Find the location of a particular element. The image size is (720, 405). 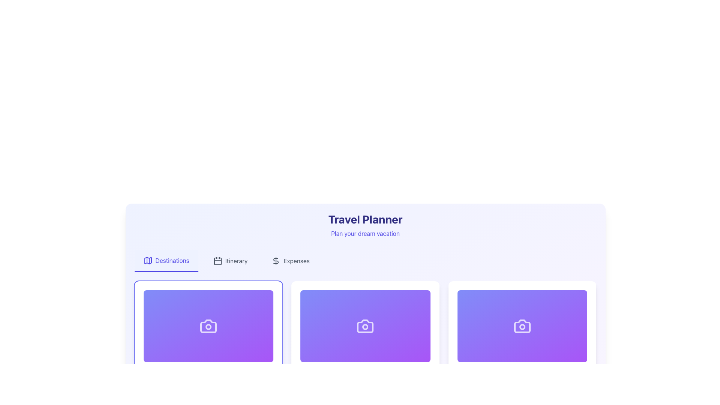

the small circle with a light stroke located within the central area of the camera icon is located at coordinates (522, 326).